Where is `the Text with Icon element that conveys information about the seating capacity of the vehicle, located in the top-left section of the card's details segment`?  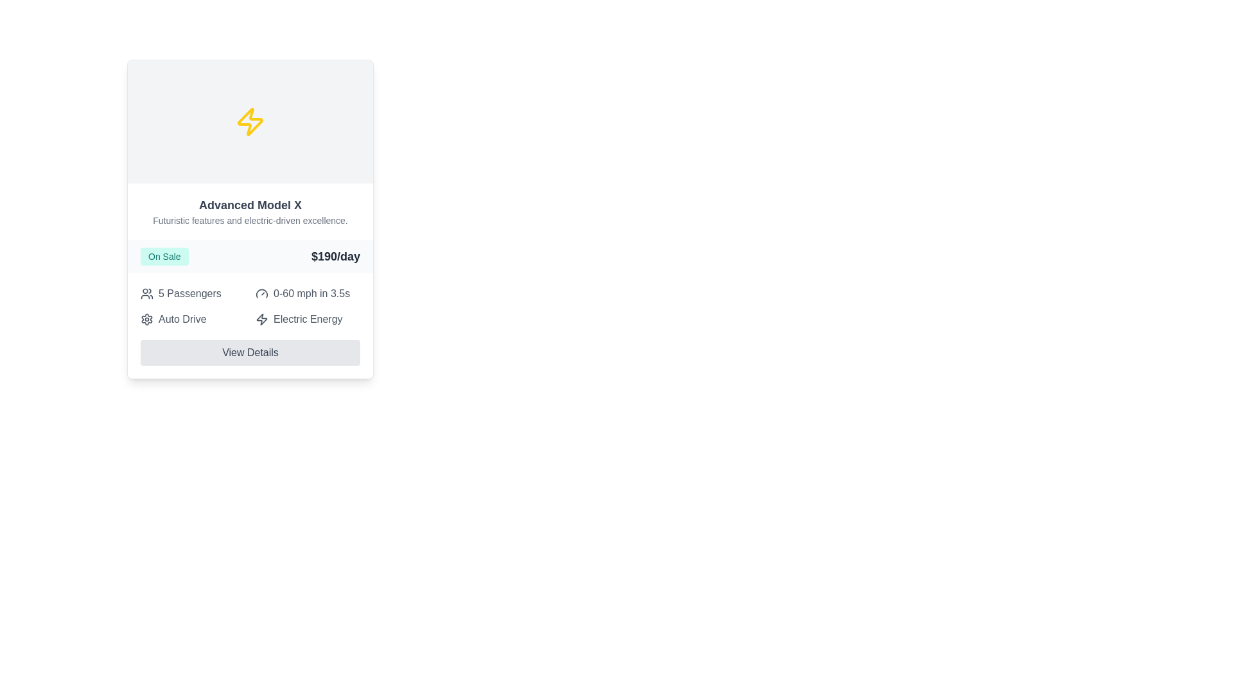 the Text with Icon element that conveys information about the seating capacity of the vehicle, located in the top-left section of the card's details segment is located at coordinates (192, 294).